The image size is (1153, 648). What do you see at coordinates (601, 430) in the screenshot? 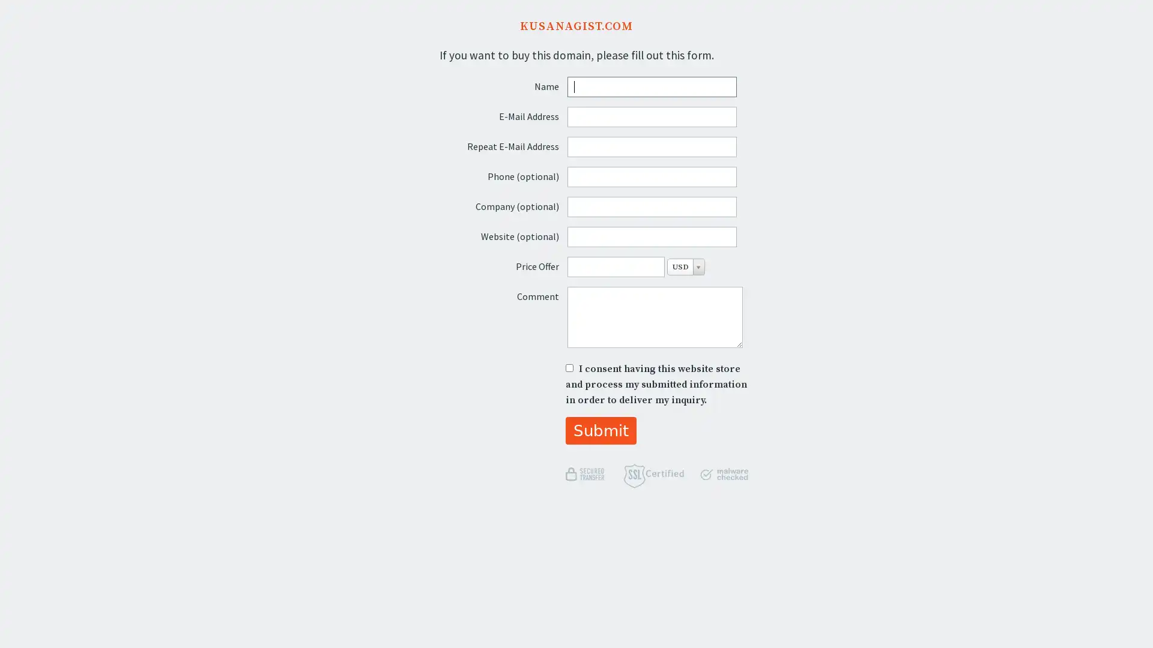
I see `Submit` at bounding box center [601, 430].